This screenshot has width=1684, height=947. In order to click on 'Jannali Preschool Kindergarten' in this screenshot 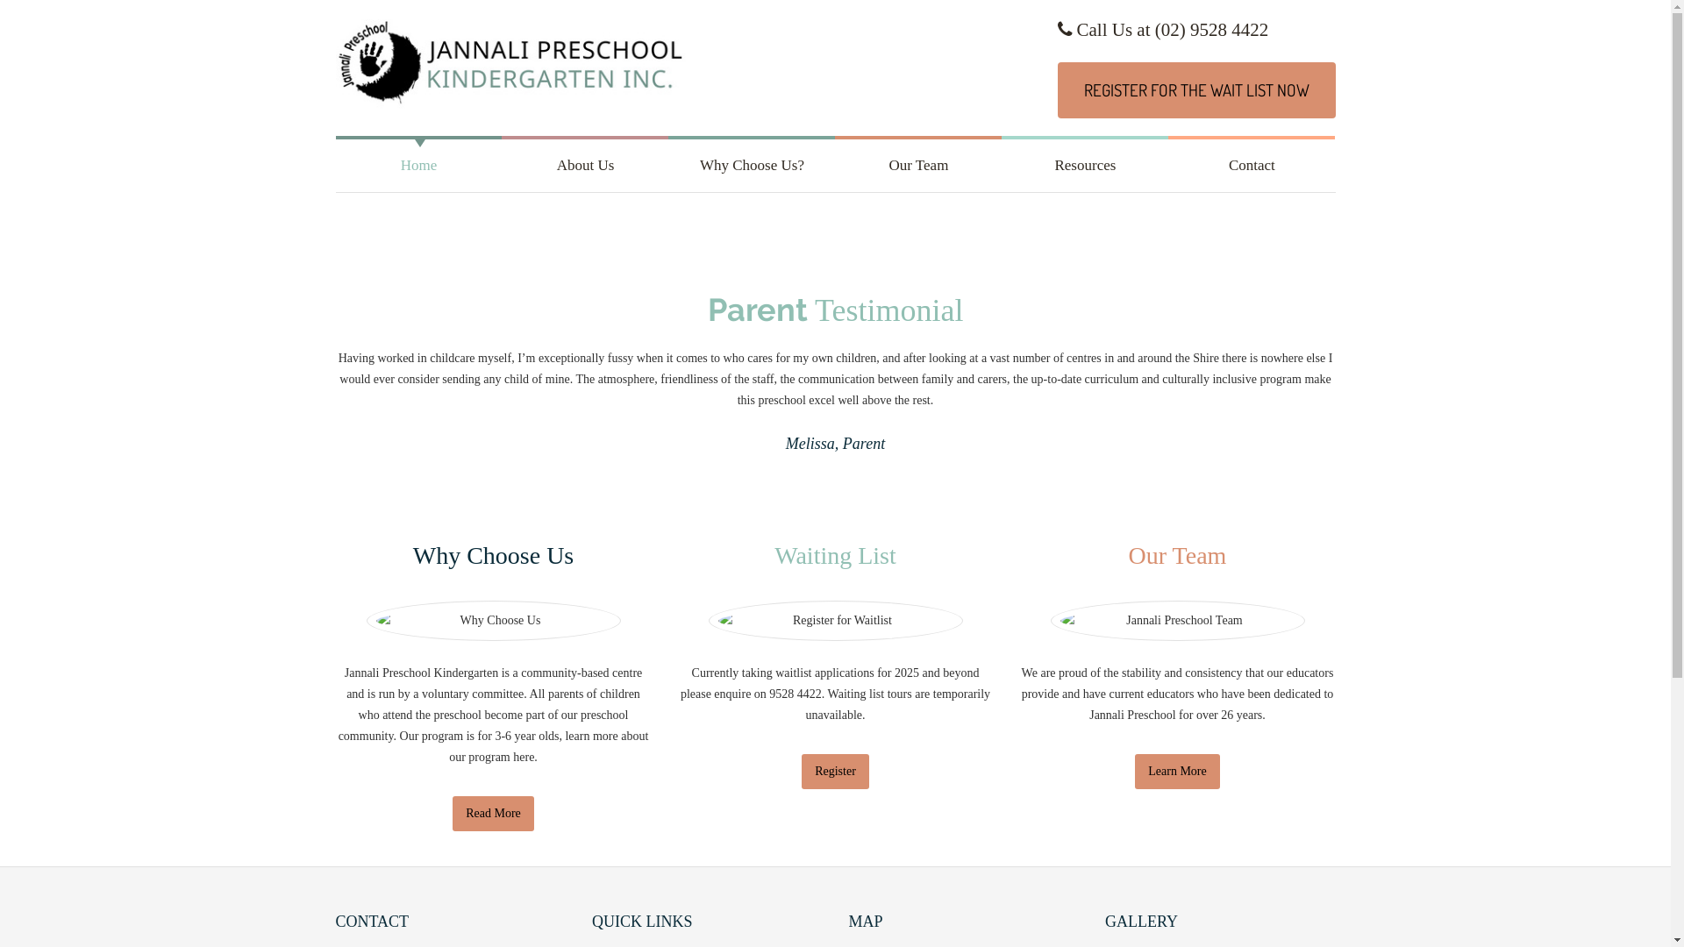, I will do `click(509, 67)`.